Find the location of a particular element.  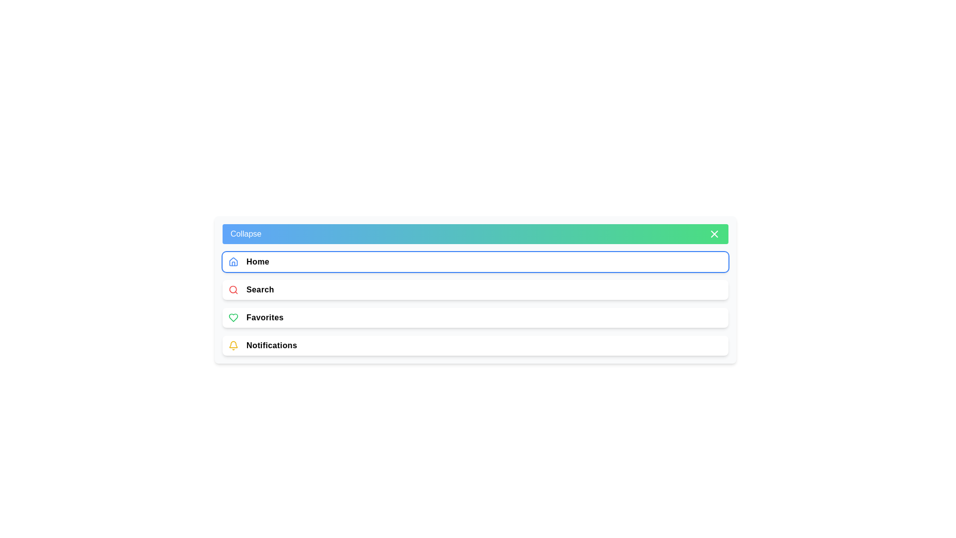

the menu item labeled Home is located at coordinates (475, 261).